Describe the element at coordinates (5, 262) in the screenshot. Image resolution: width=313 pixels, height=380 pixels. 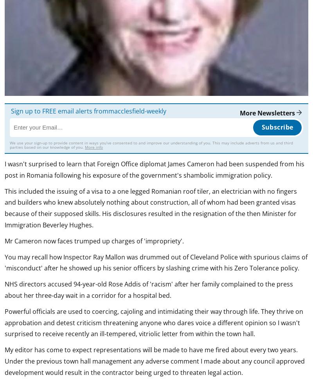
I see `'You may recall how Inspector Ray Mallon was drummed out of Cleveland Police with spurious claims of 'misconduct' after he showed up his senior officers by slashing crime with his Zero Tolerance policy.'` at that location.